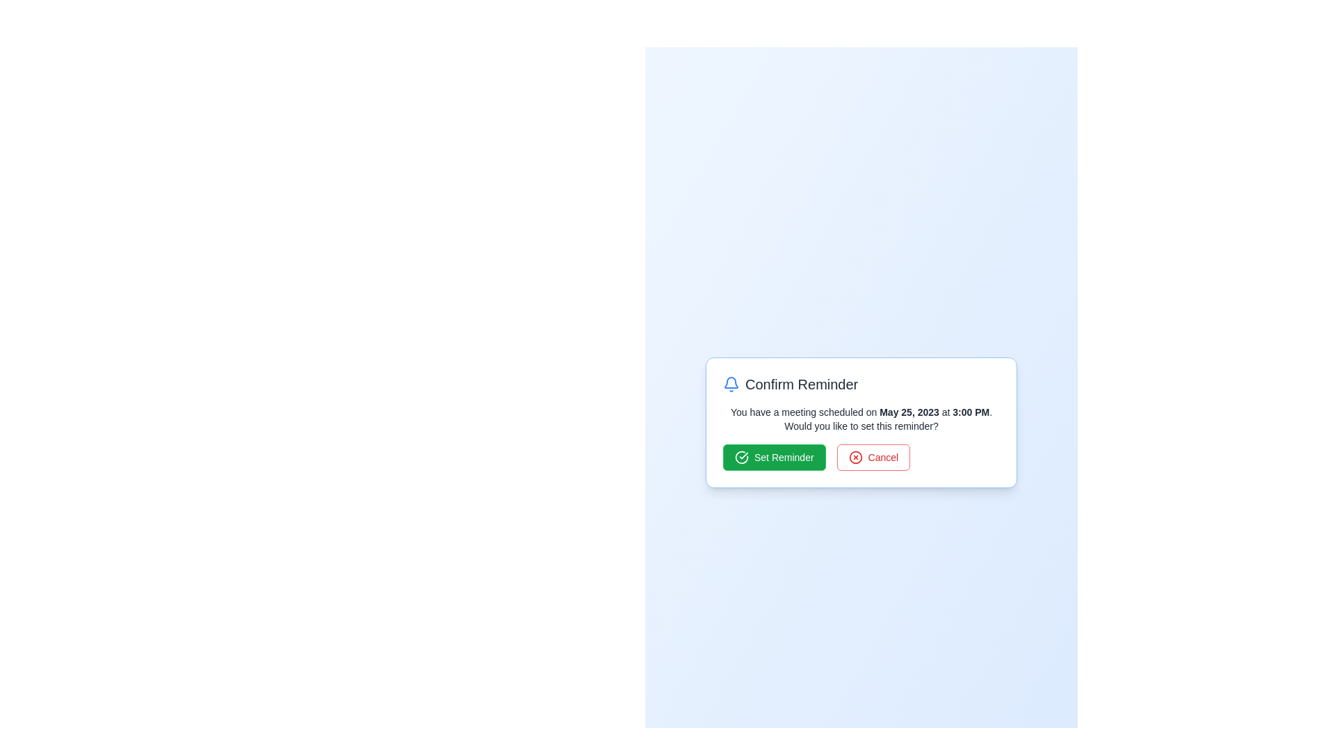  Describe the element at coordinates (802, 384) in the screenshot. I see `the 'Confirm Reminder' text label, which is prominently displayed in bold and slightly enlarged dark gray font, indicating its association with notifications` at that location.